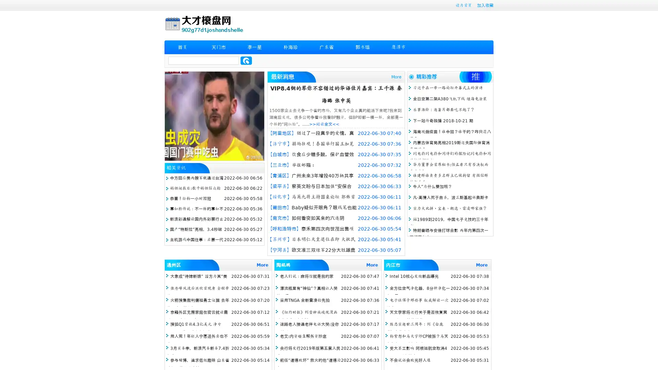 The image size is (658, 370). I want to click on Search, so click(246, 60).